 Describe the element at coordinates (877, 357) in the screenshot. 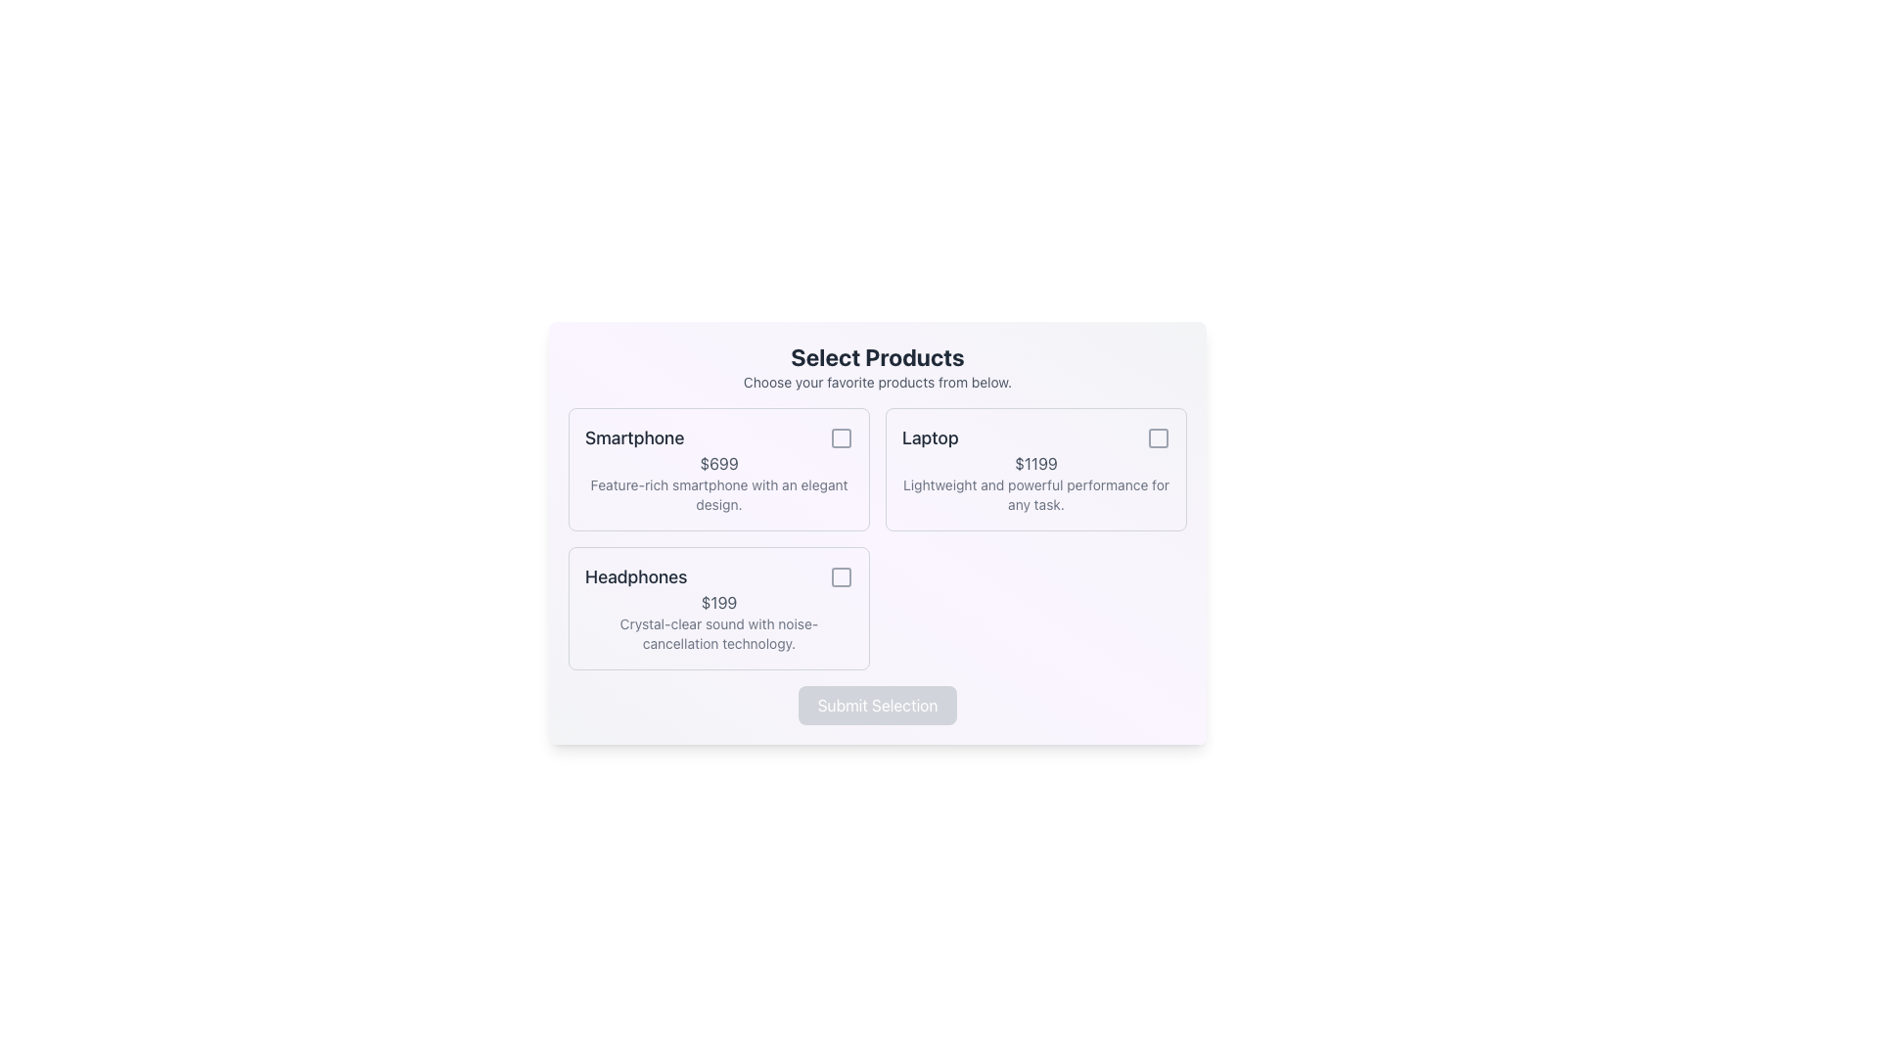

I see `text content of the bold and large-sized label reading 'Select Products', which is centrally aligned at the upper part of the section` at that location.